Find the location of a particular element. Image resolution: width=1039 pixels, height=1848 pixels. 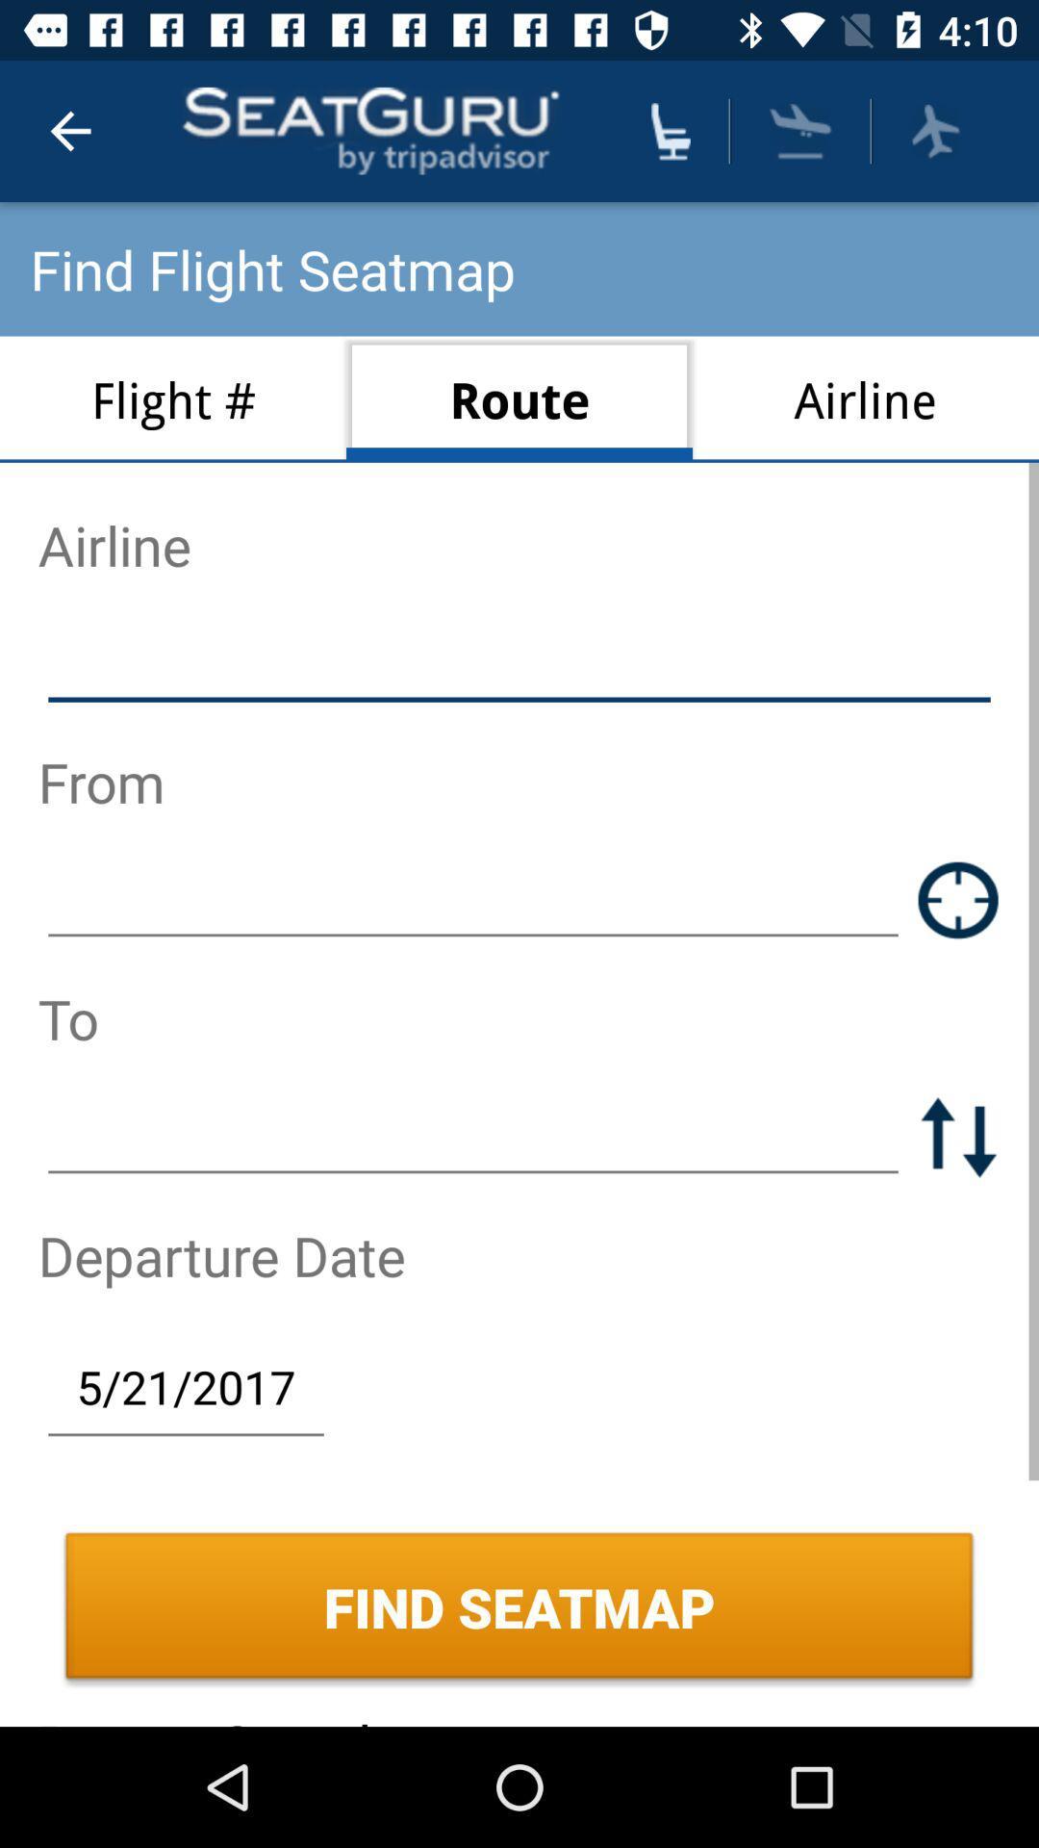

the 5/21/2017 icon is located at coordinates (186, 1386).